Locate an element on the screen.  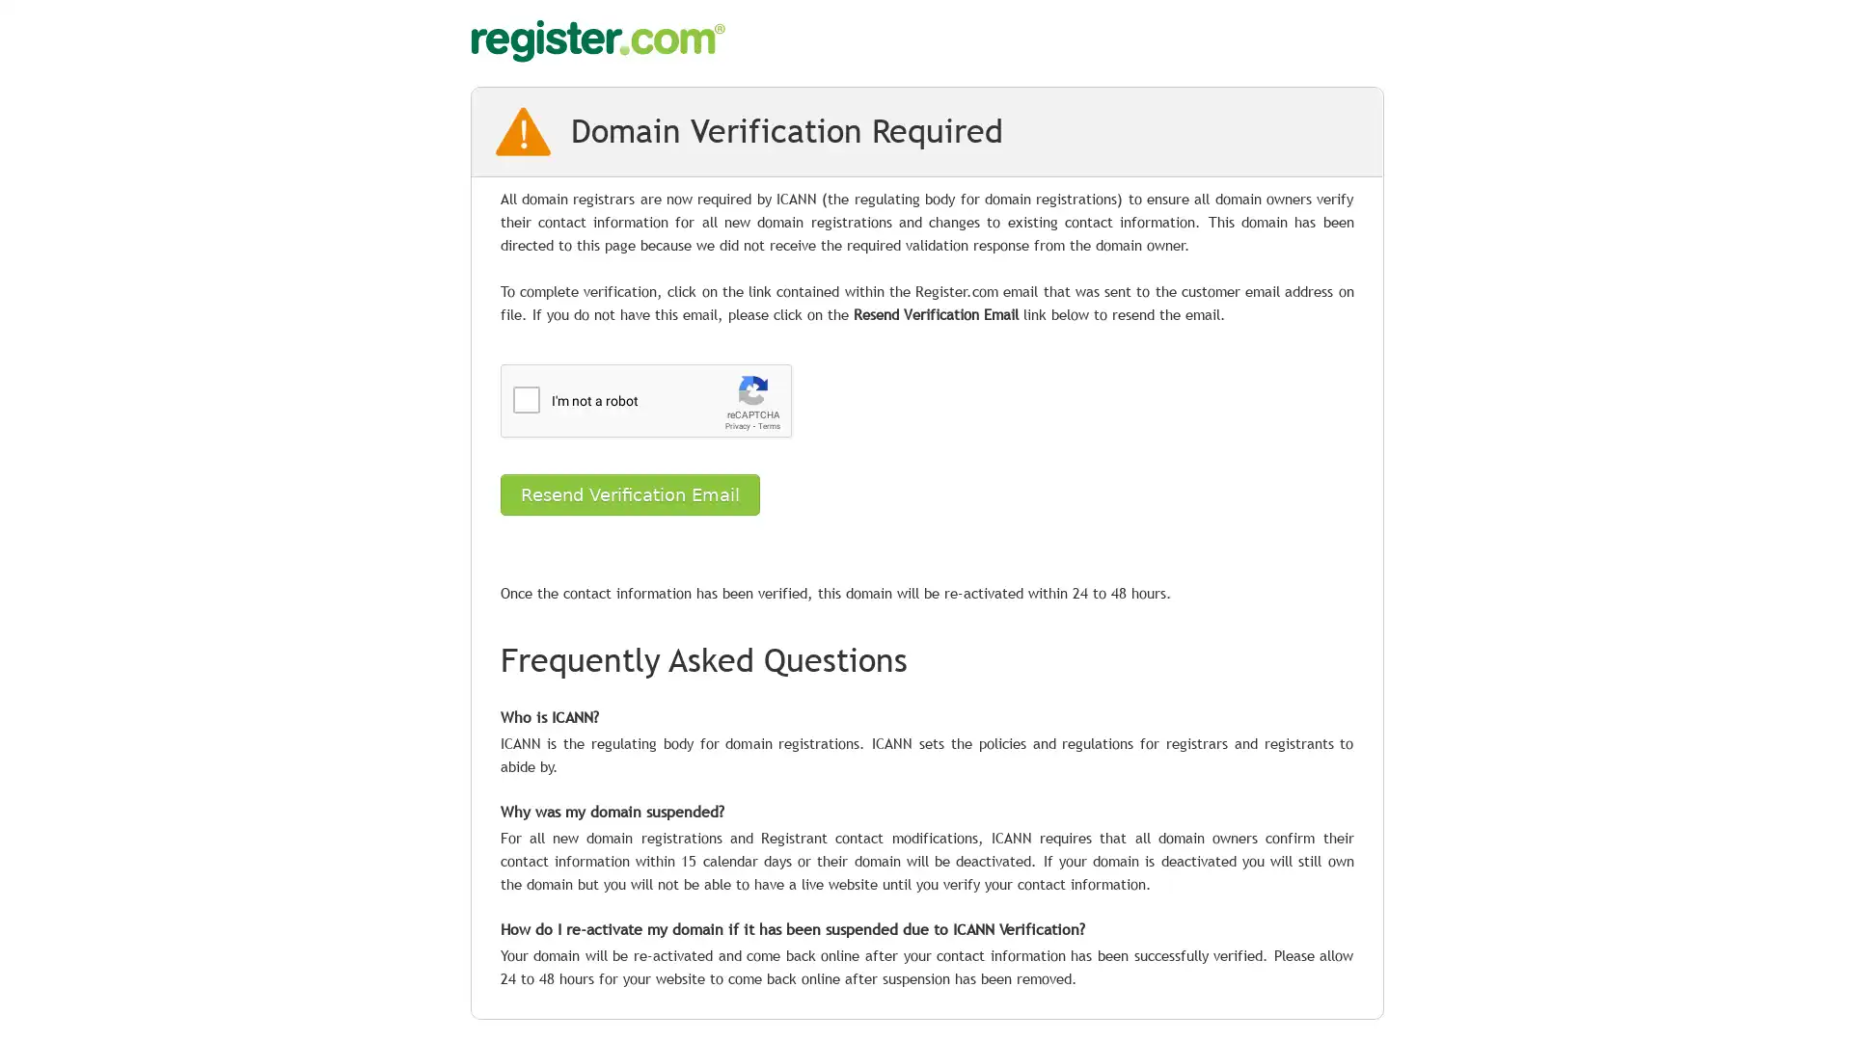
Resend Verification Email is located at coordinates (629, 494).